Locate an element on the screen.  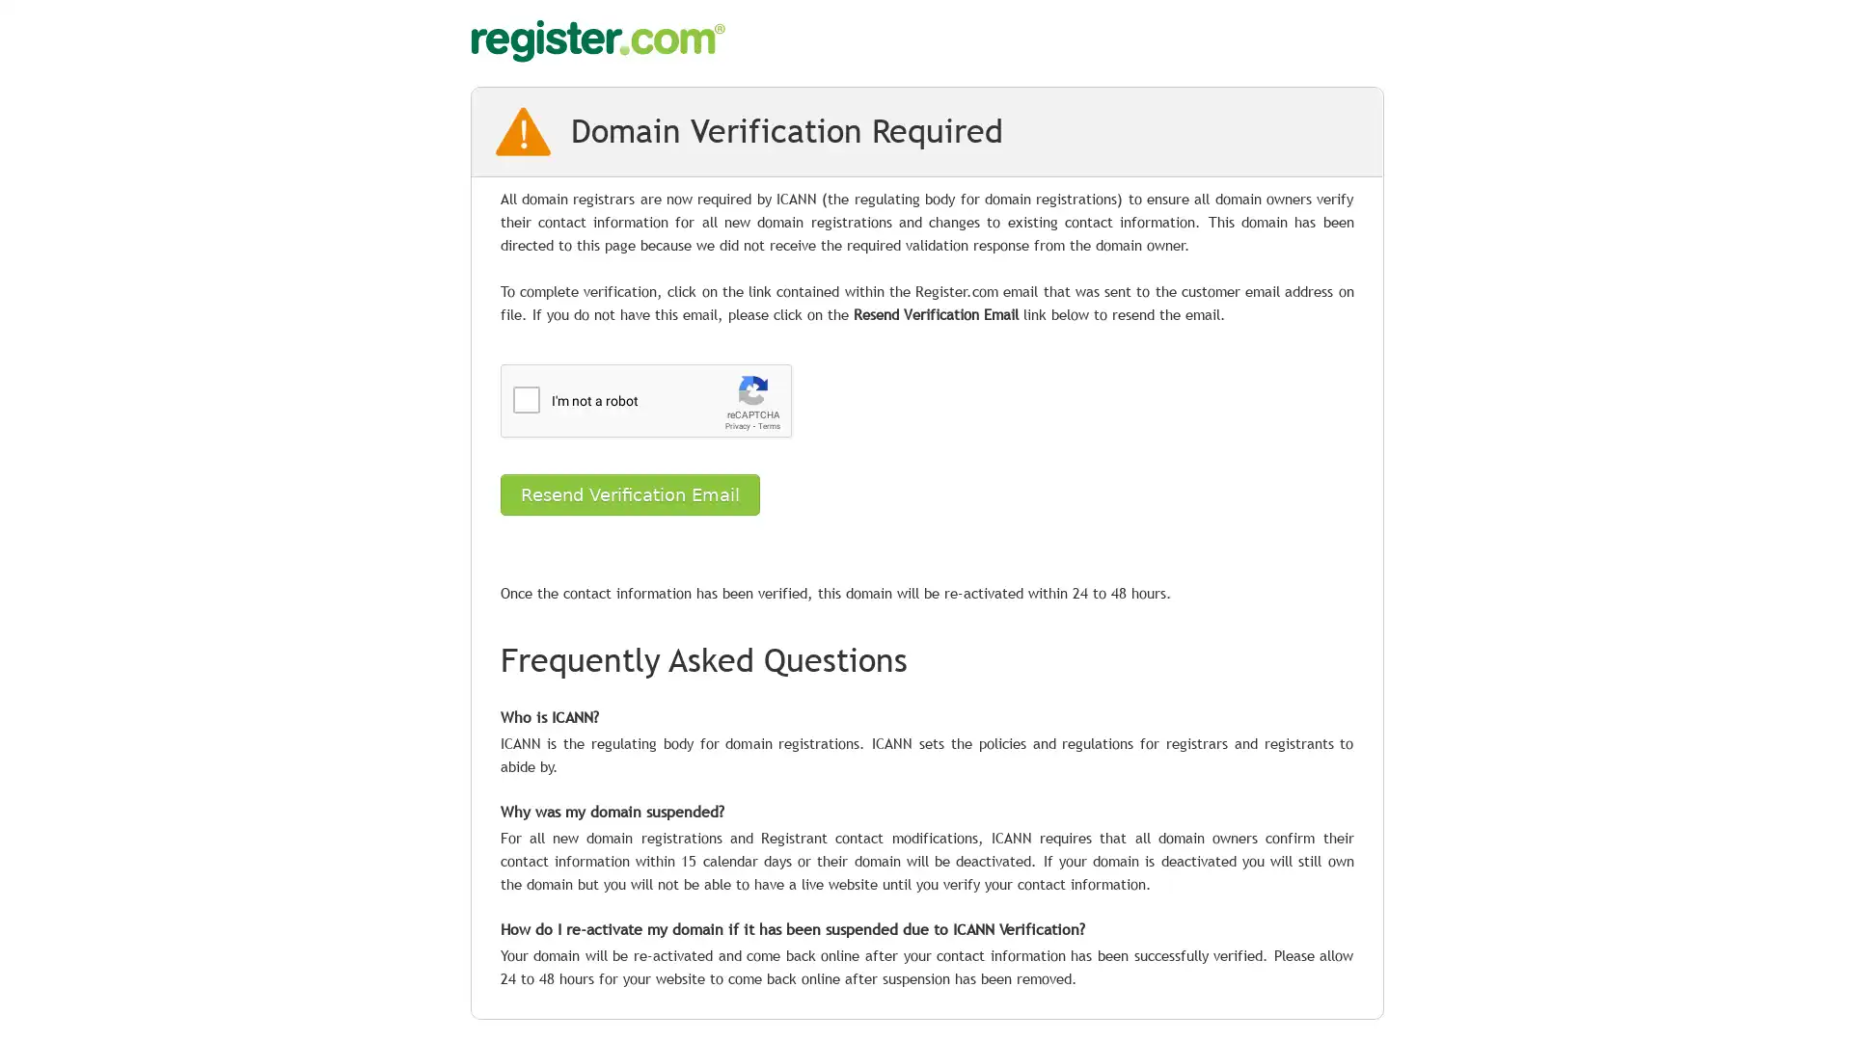
Resend Verification Email is located at coordinates (629, 494).